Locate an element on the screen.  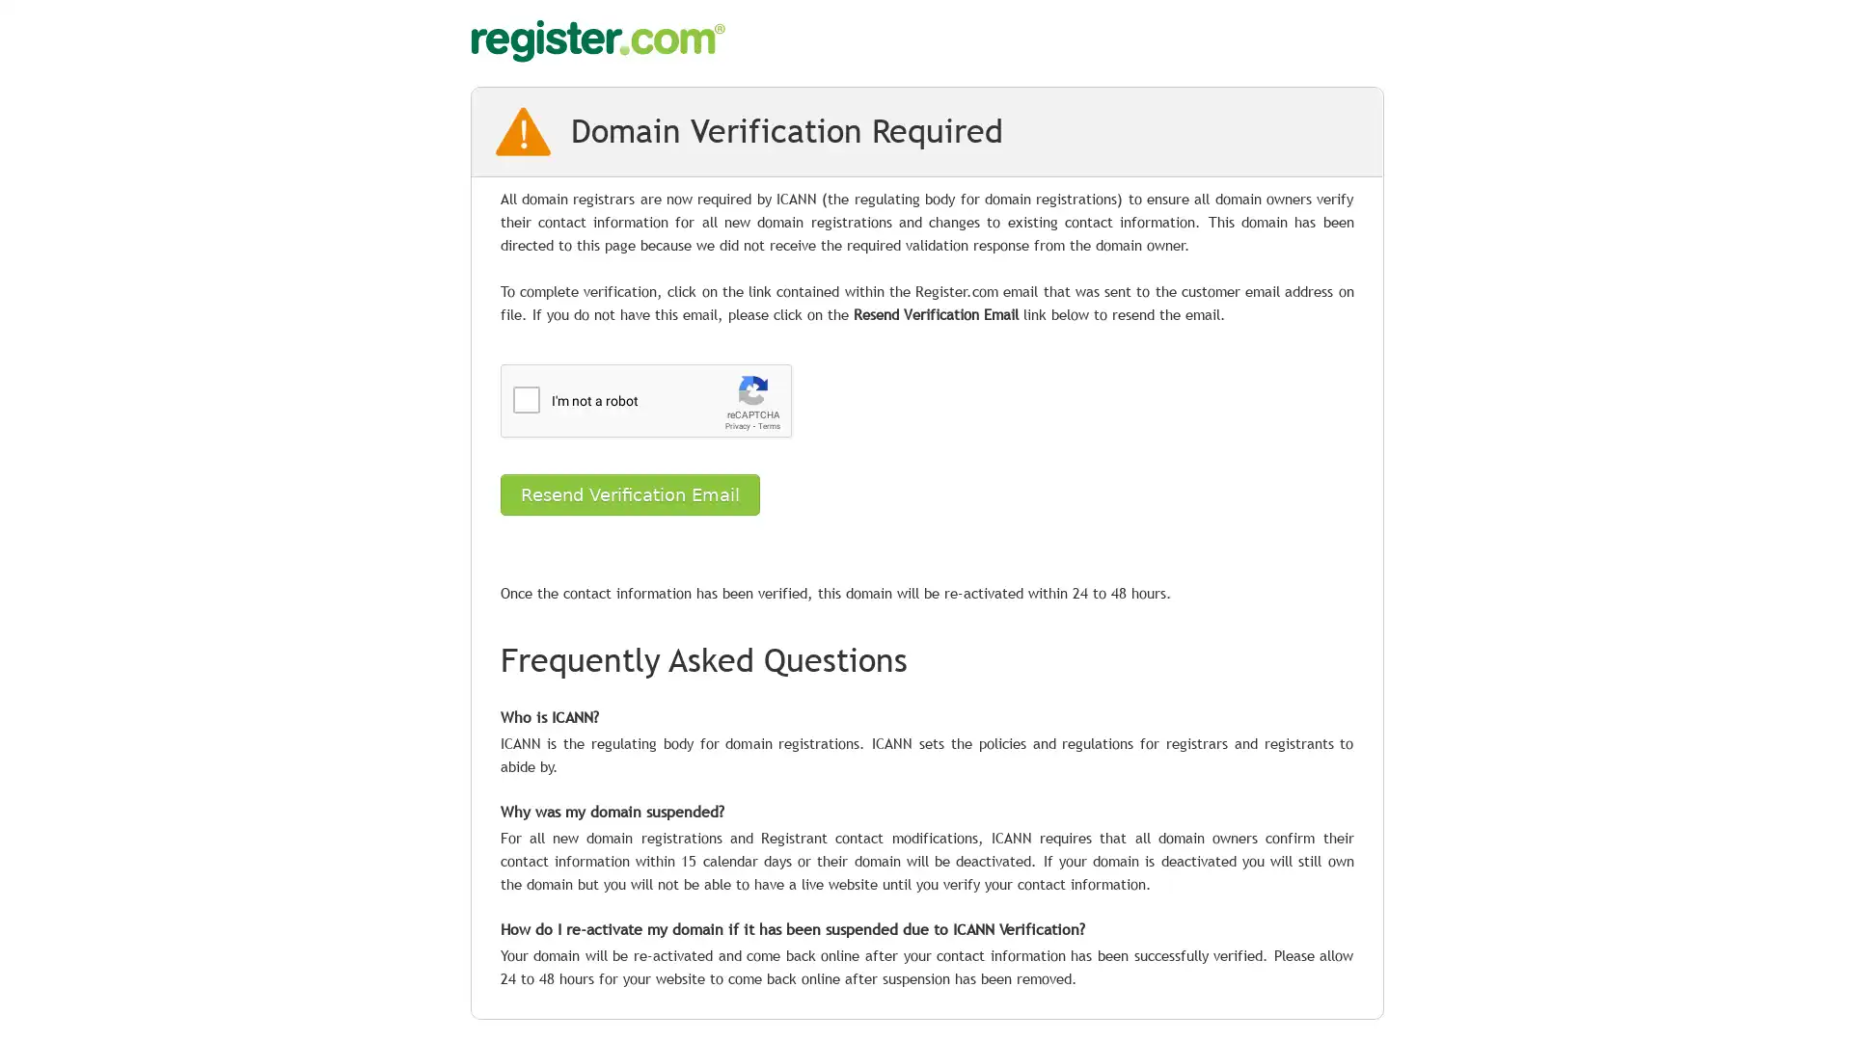
Resend Verification Email is located at coordinates (629, 494).